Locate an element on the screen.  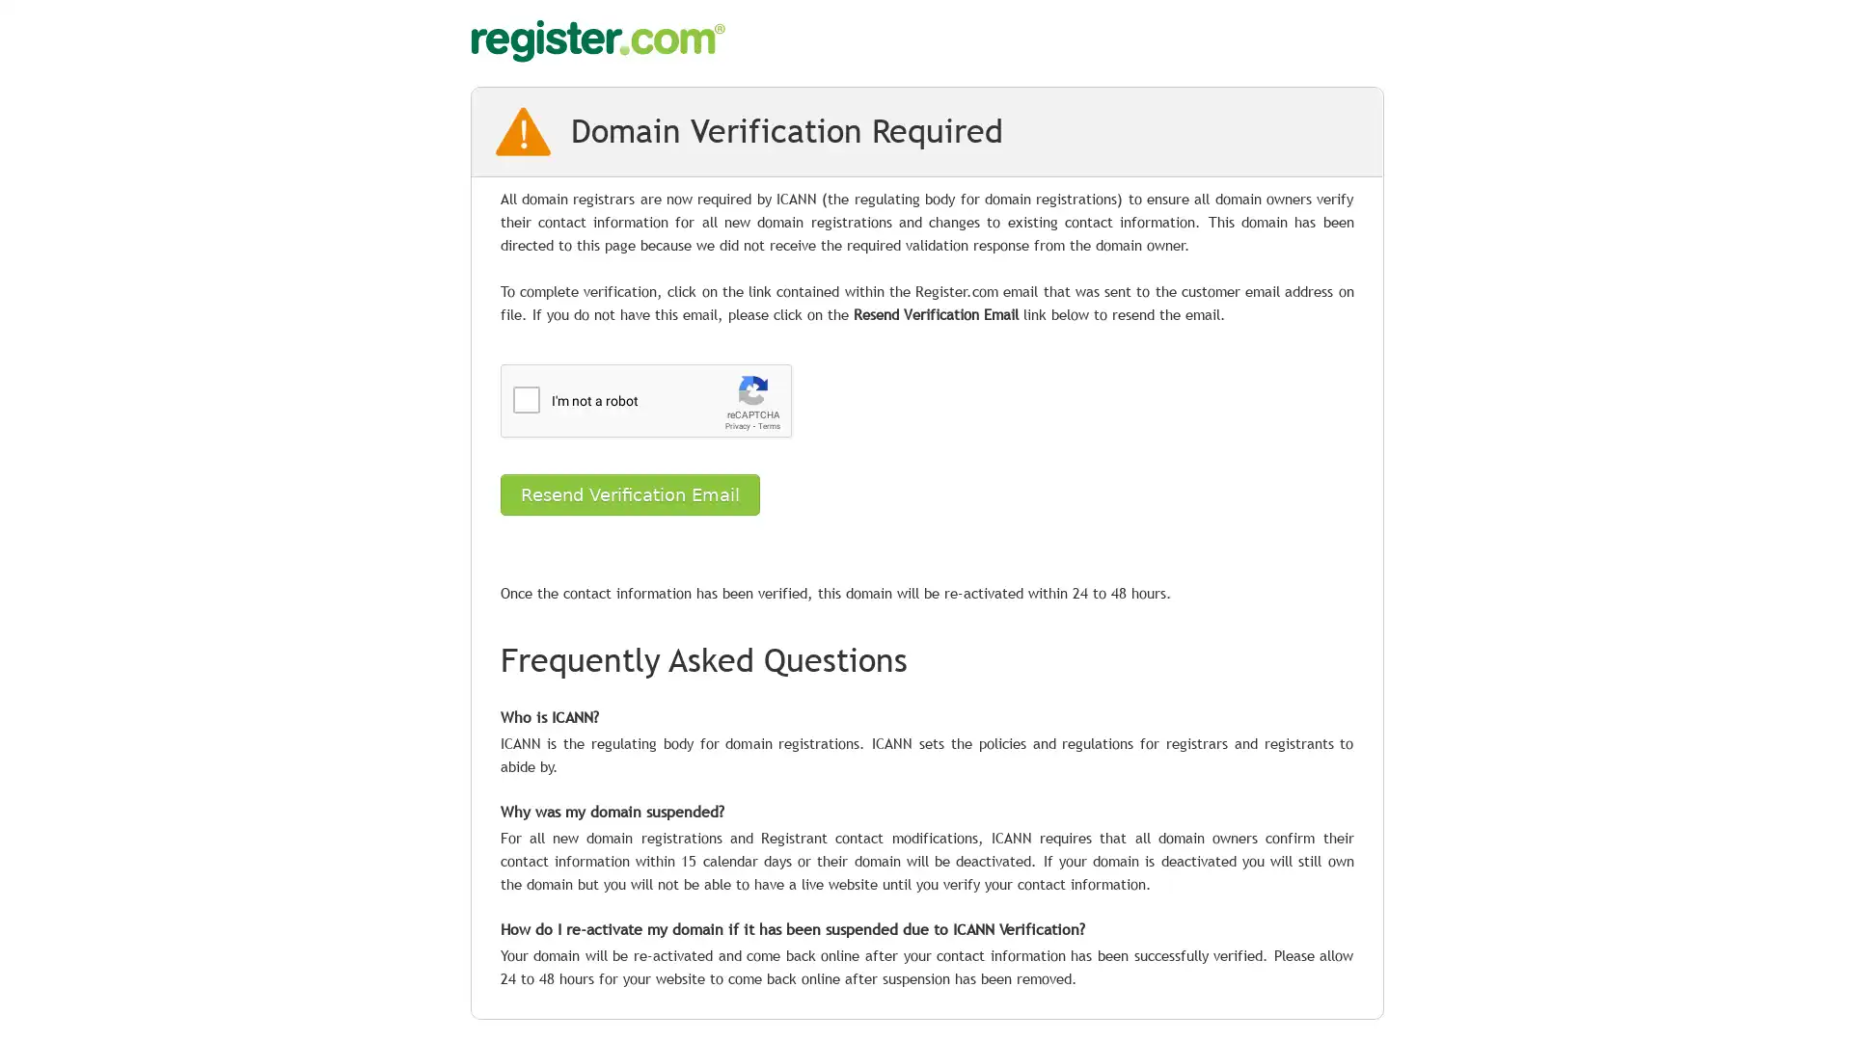
Resend Verification Email is located at coordinates (629, 494).